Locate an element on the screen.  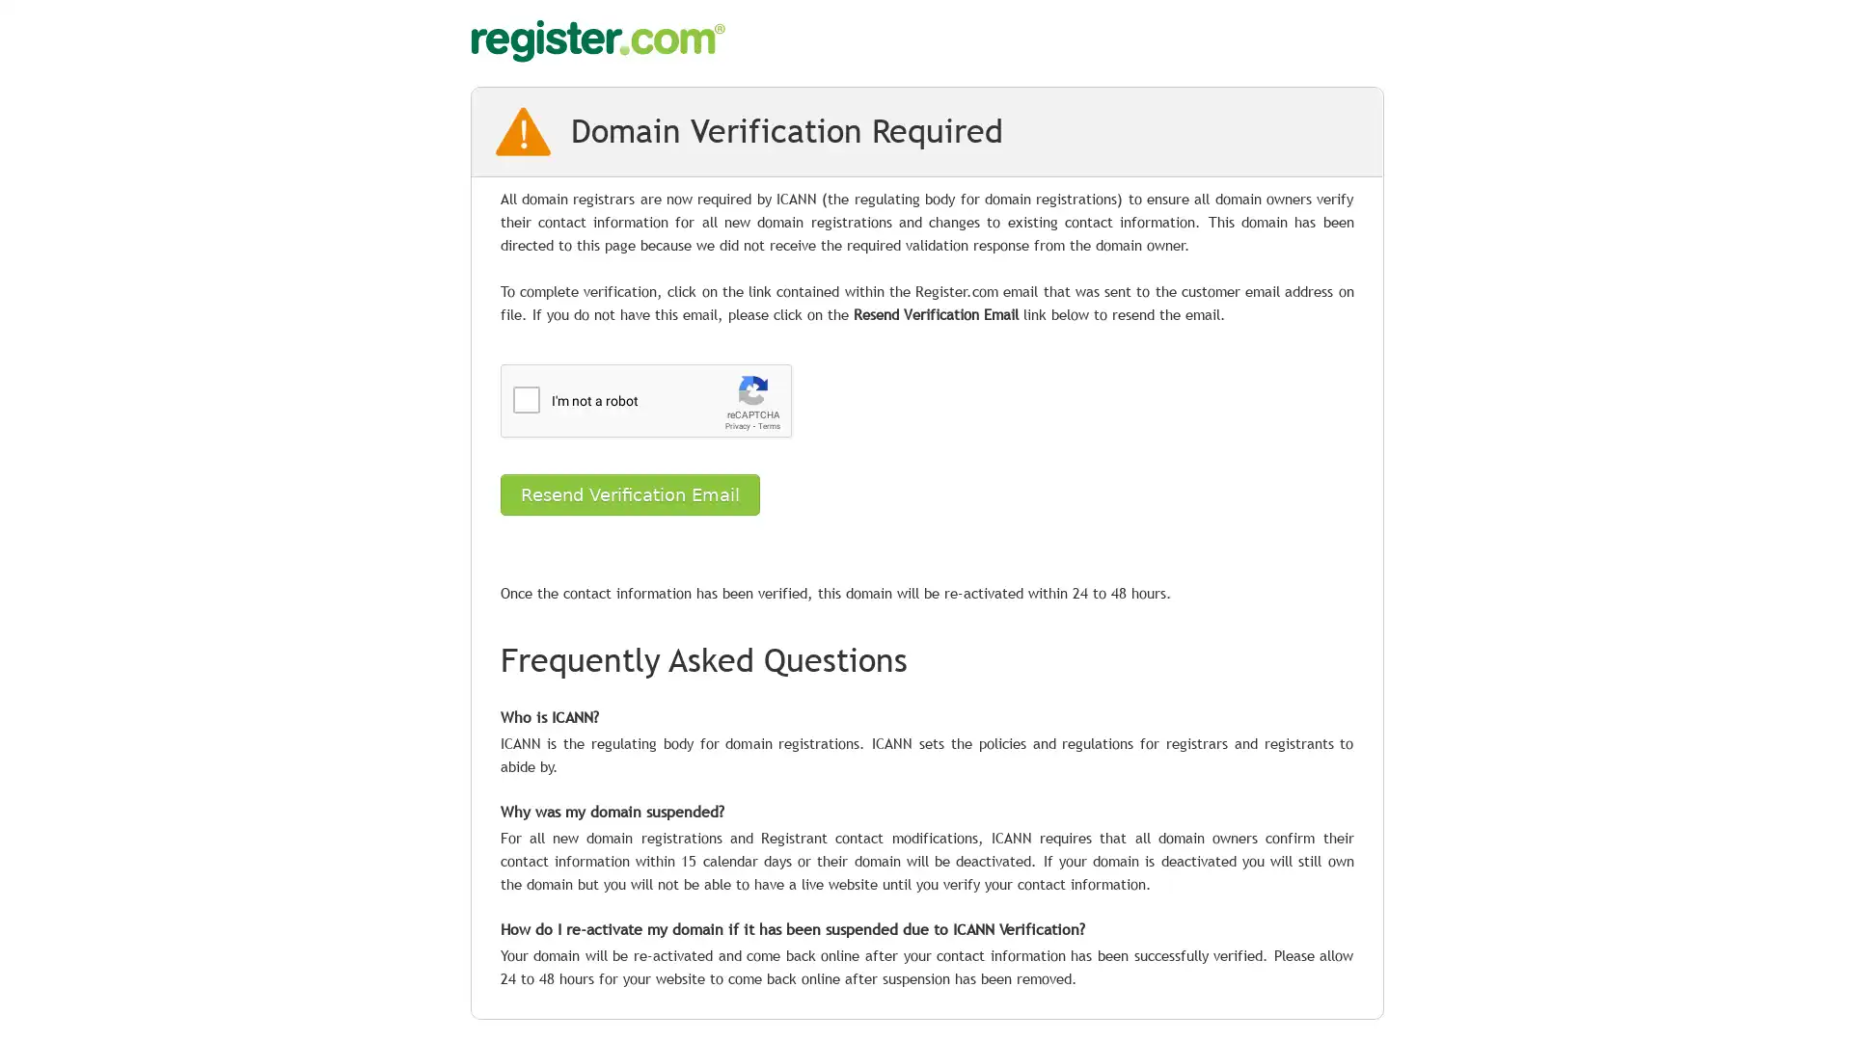
Resend Verification Email is located at coordinates (629, 494).